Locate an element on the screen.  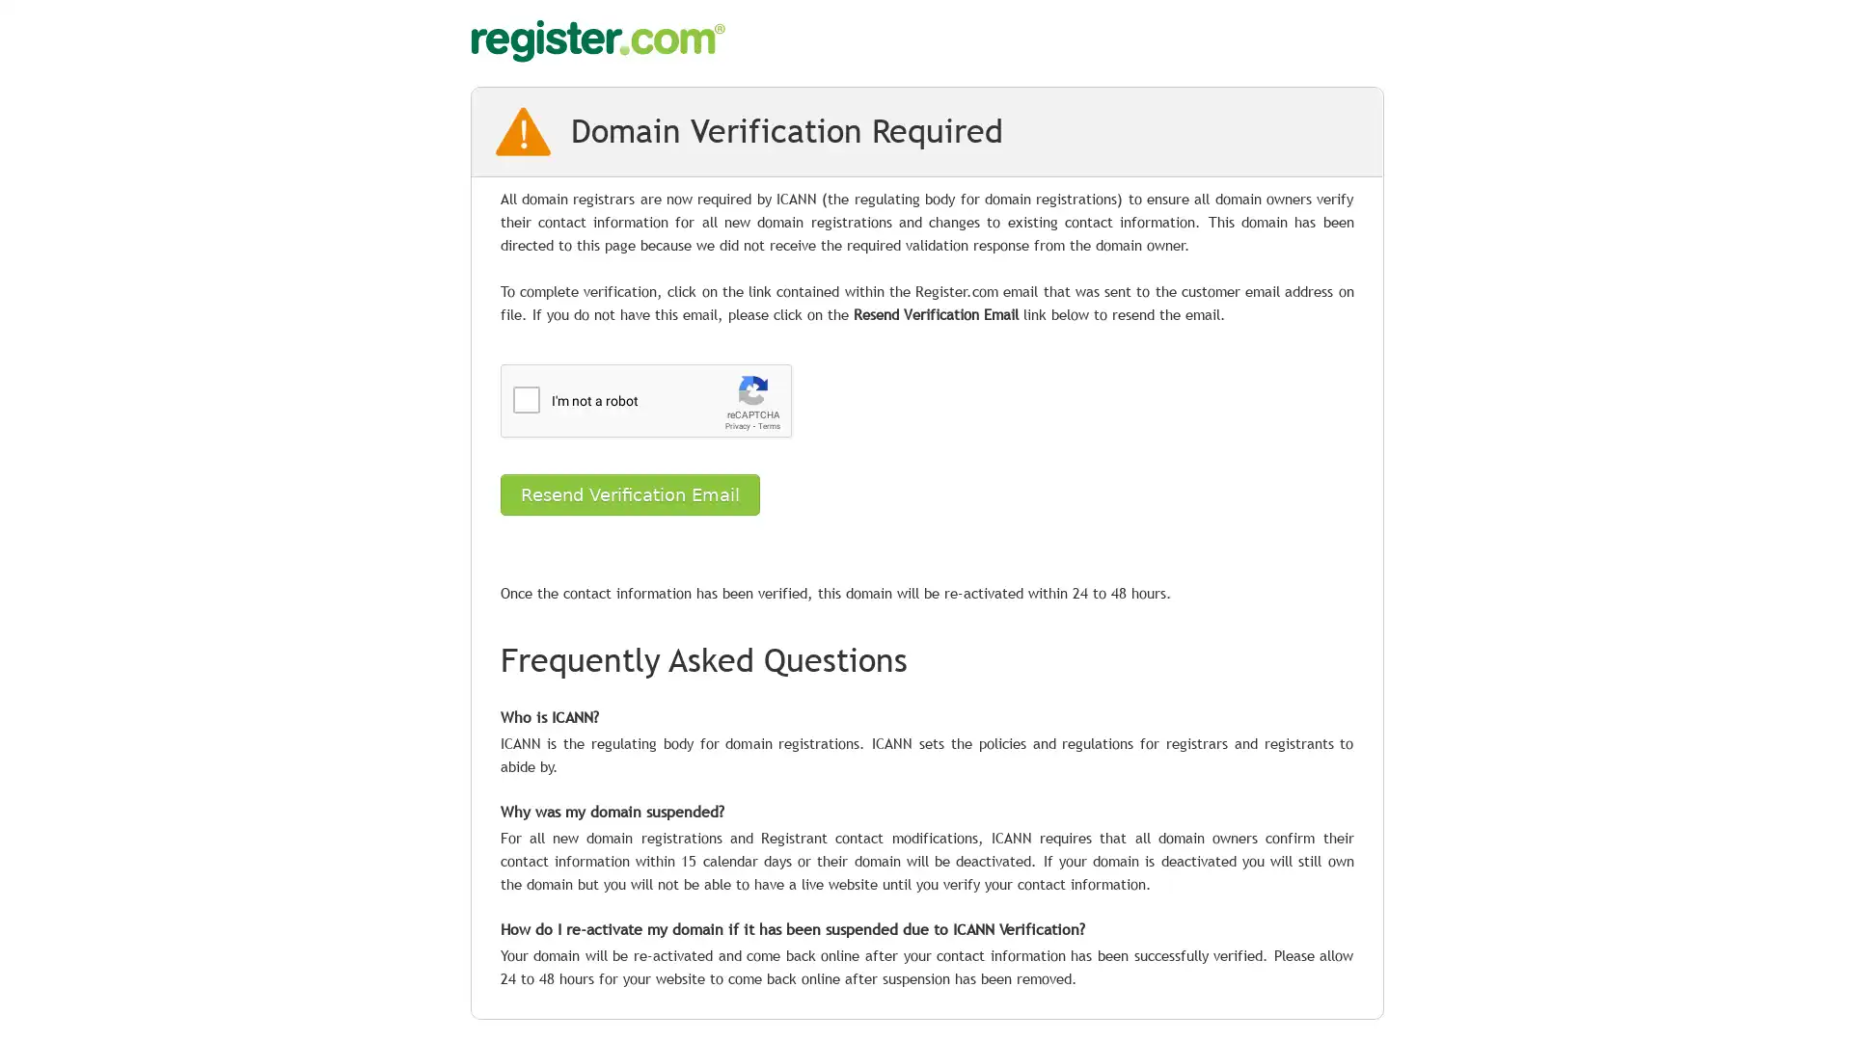
Resend Verification Email is located at coordinates (629, 494).